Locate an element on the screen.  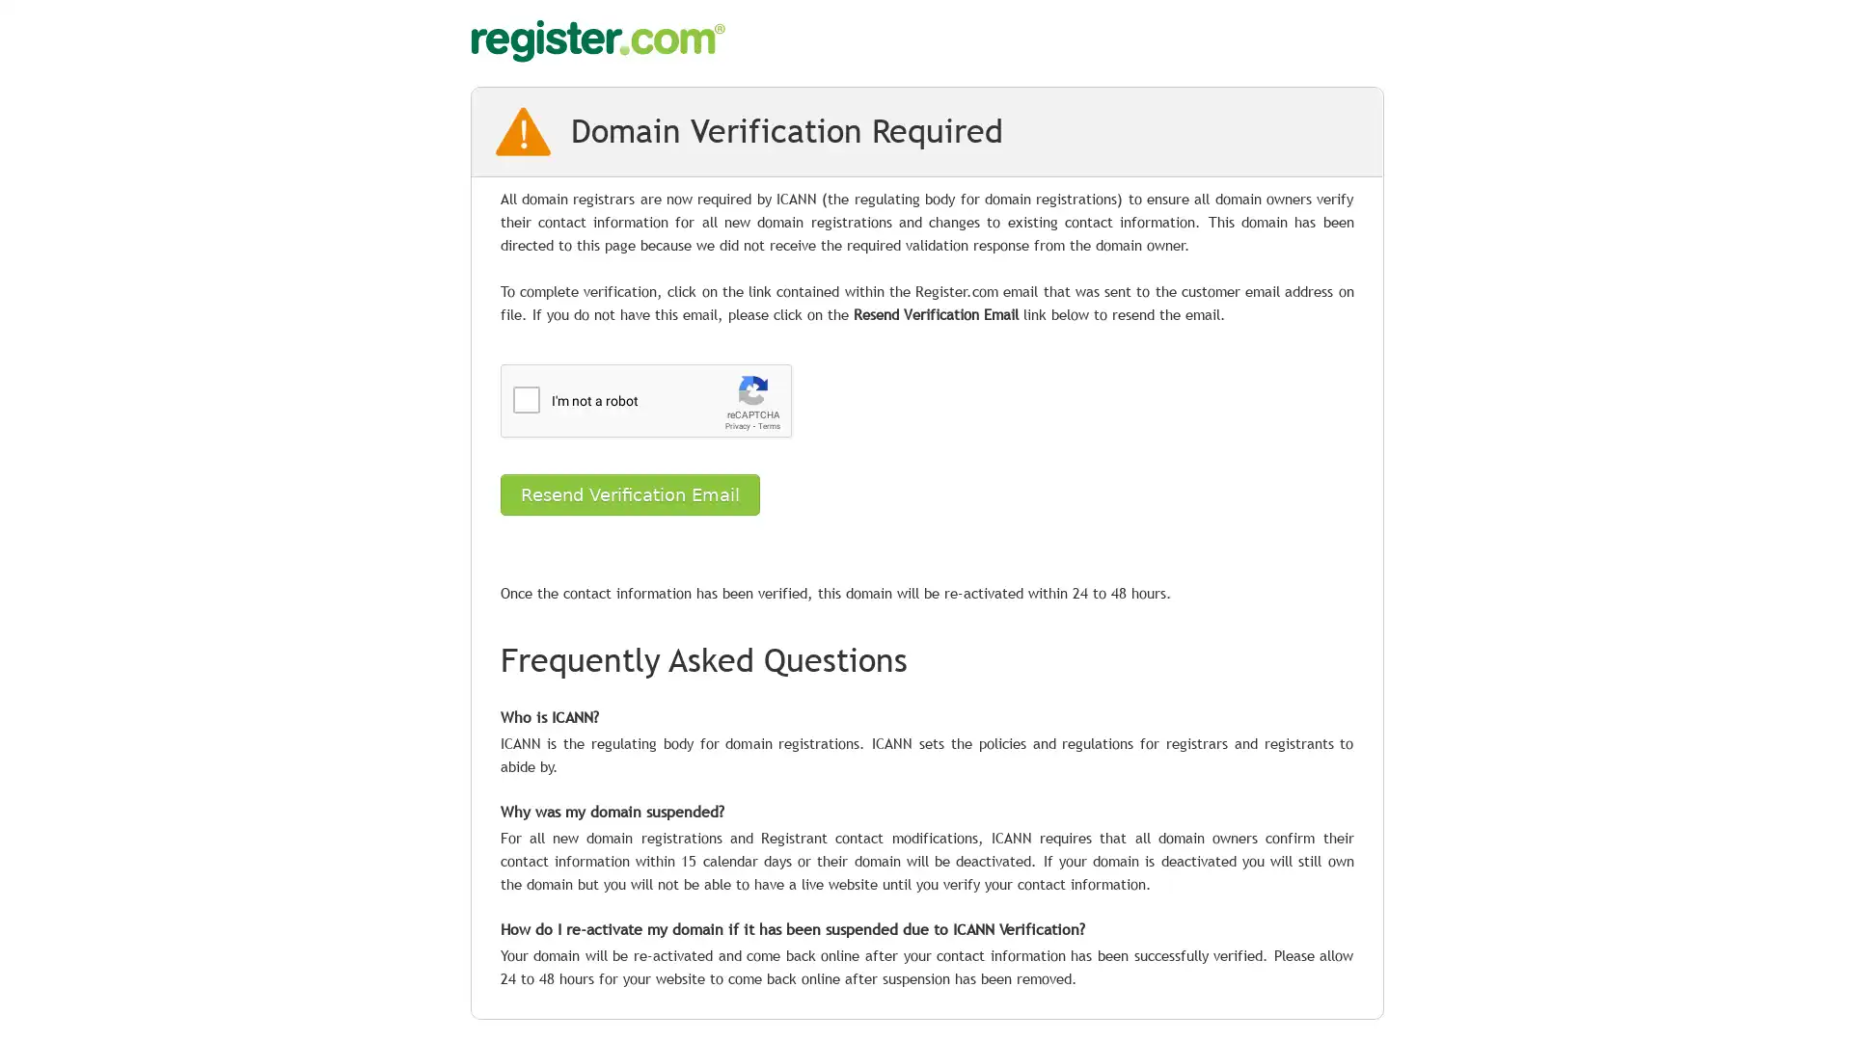
Resend Verification Email is located at coordinates (629, 494).